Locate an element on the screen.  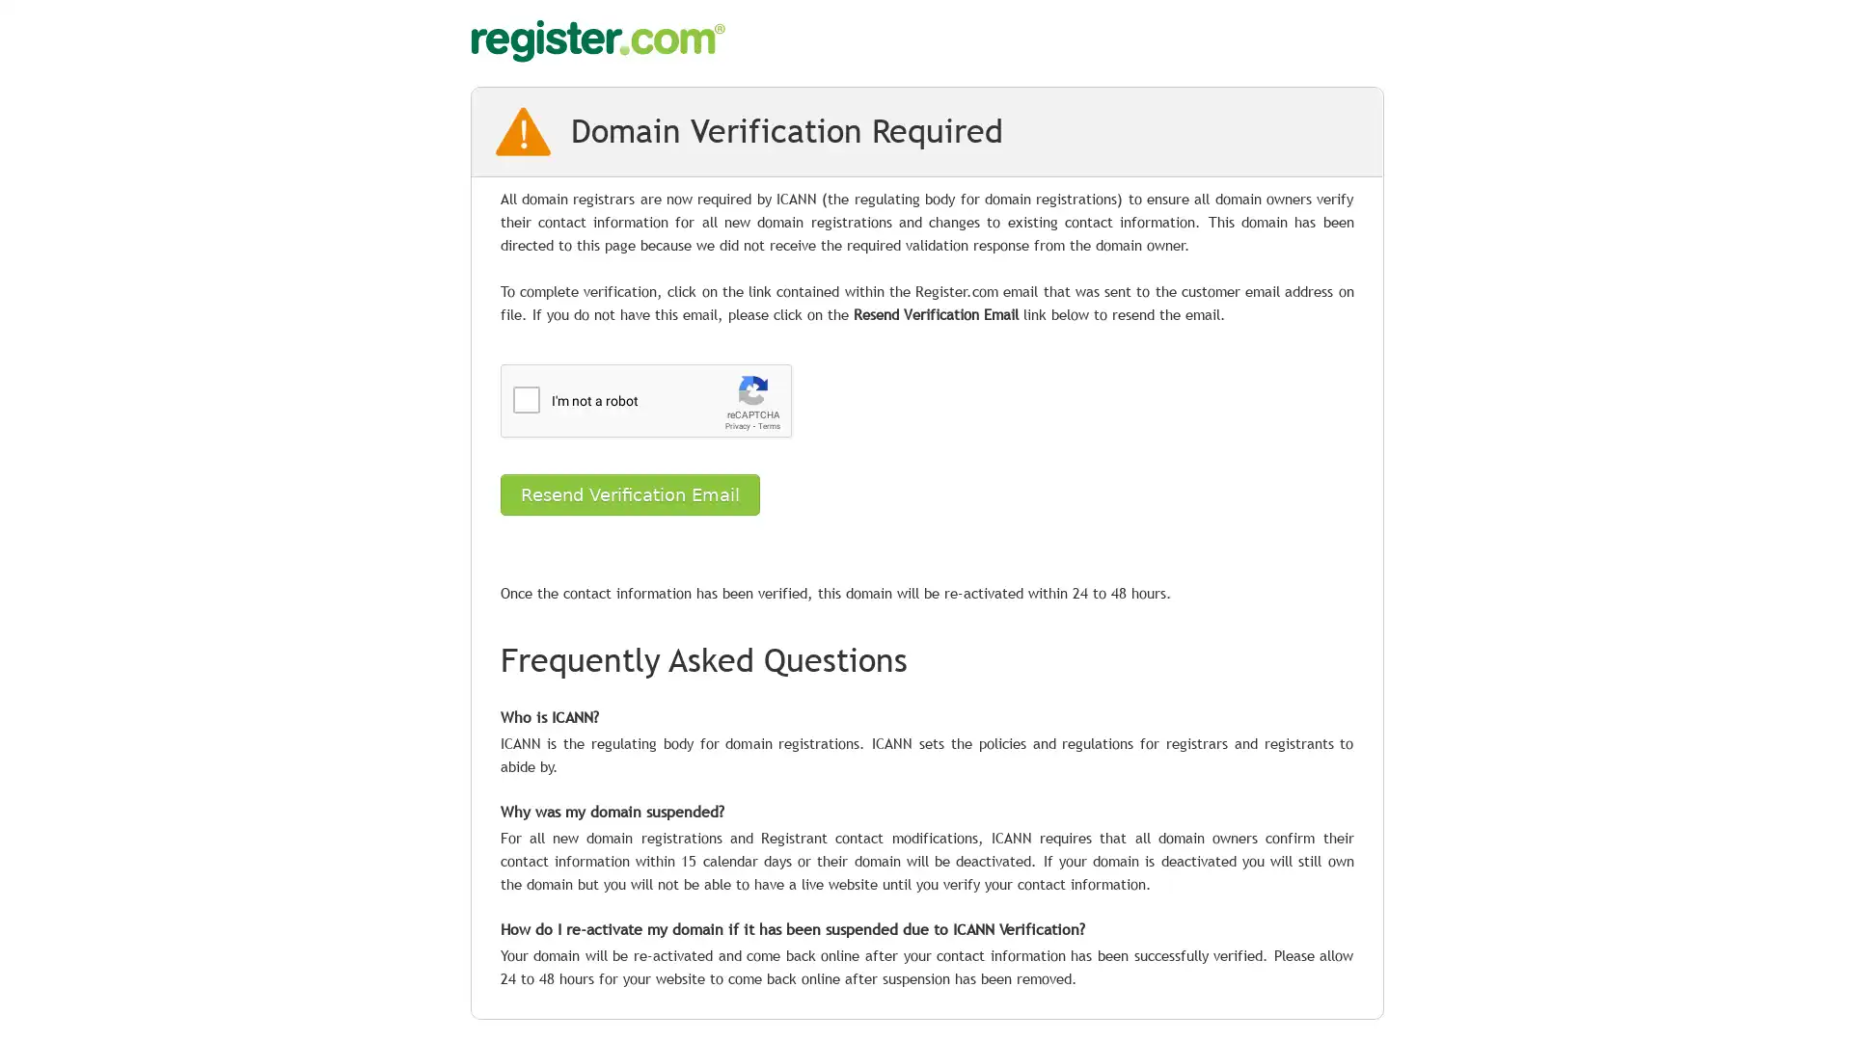
Resend Verification Email is located at coordinates (629, 494).